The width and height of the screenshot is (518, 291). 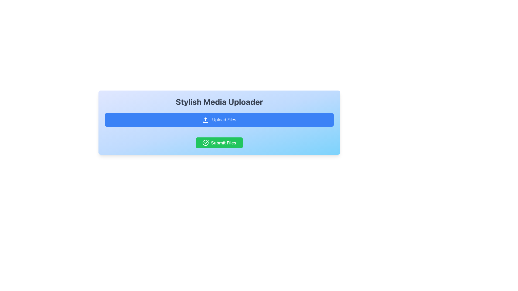 What do you see at coordinates (205, 120) in the screenshot?
I see `the blue upload icon, which is an upwards arrow located to the left of the 'Upload Files' button` at bounding box center [205, 120].